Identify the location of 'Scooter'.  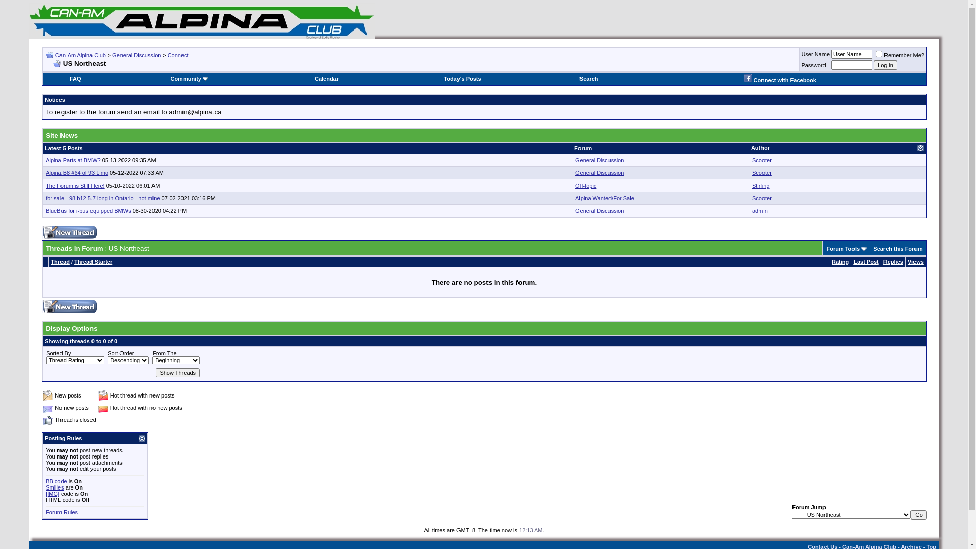
(761, 172).